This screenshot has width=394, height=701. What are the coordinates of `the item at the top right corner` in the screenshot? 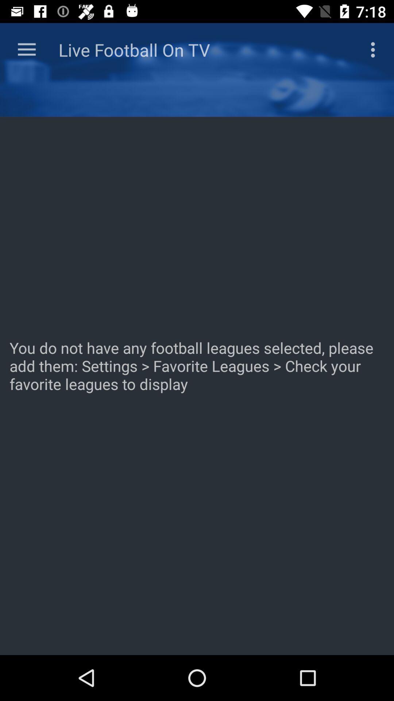 It's located at (375, 49).